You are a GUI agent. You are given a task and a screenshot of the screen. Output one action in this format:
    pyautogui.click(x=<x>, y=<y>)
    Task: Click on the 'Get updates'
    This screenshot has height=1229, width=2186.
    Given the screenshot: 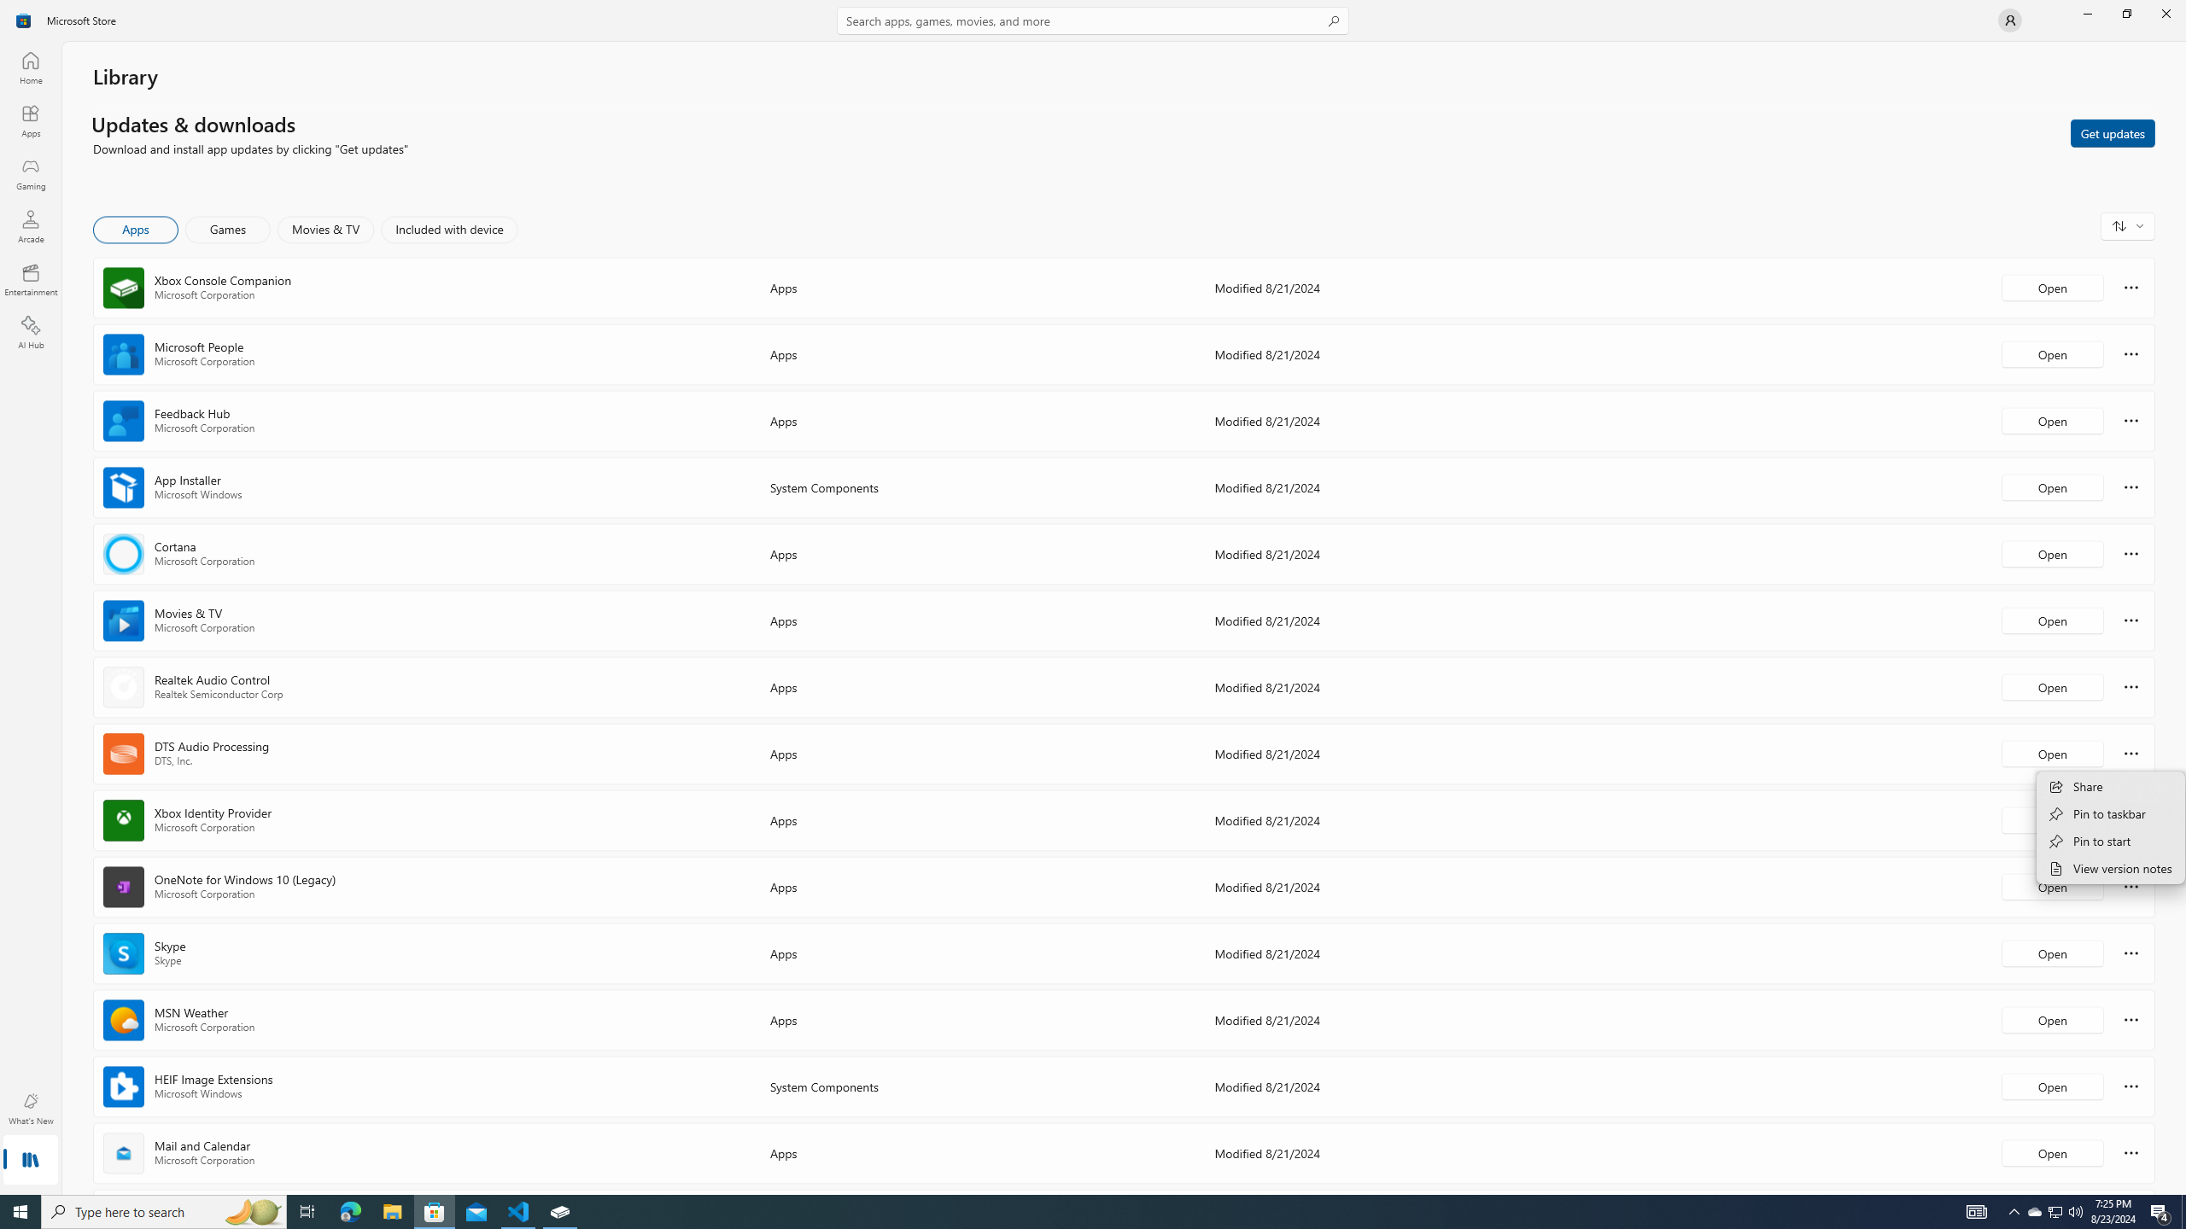 What is the action you would take?
    pyautogui.click(x=2113, y=131)
    